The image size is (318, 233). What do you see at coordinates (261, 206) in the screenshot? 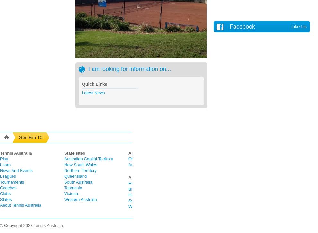
I see `'RSS'` at bounding box center [261, 206].